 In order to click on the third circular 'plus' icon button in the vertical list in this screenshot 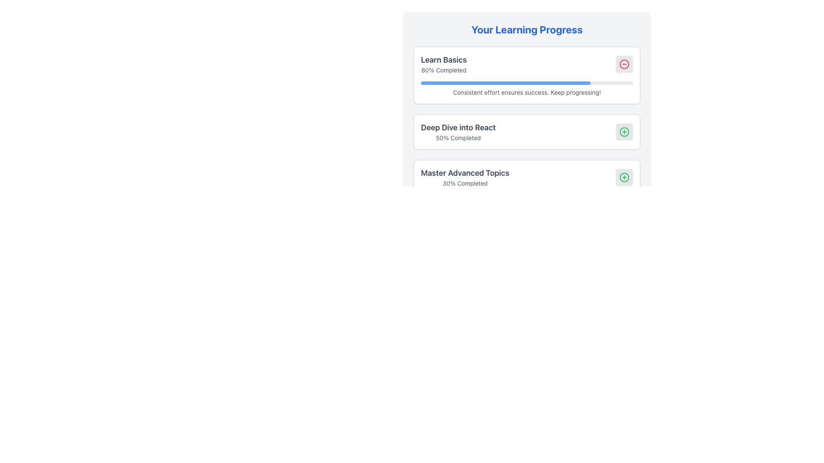, I will do `click(624, 177)`.